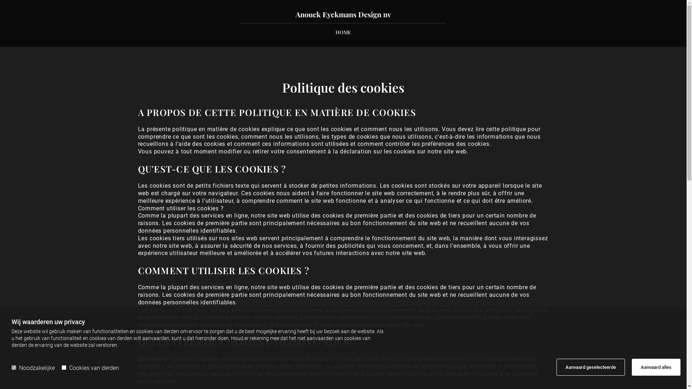 This screenshot has width=692, height=389. I want to click on 'HOME', so click(343, 32).